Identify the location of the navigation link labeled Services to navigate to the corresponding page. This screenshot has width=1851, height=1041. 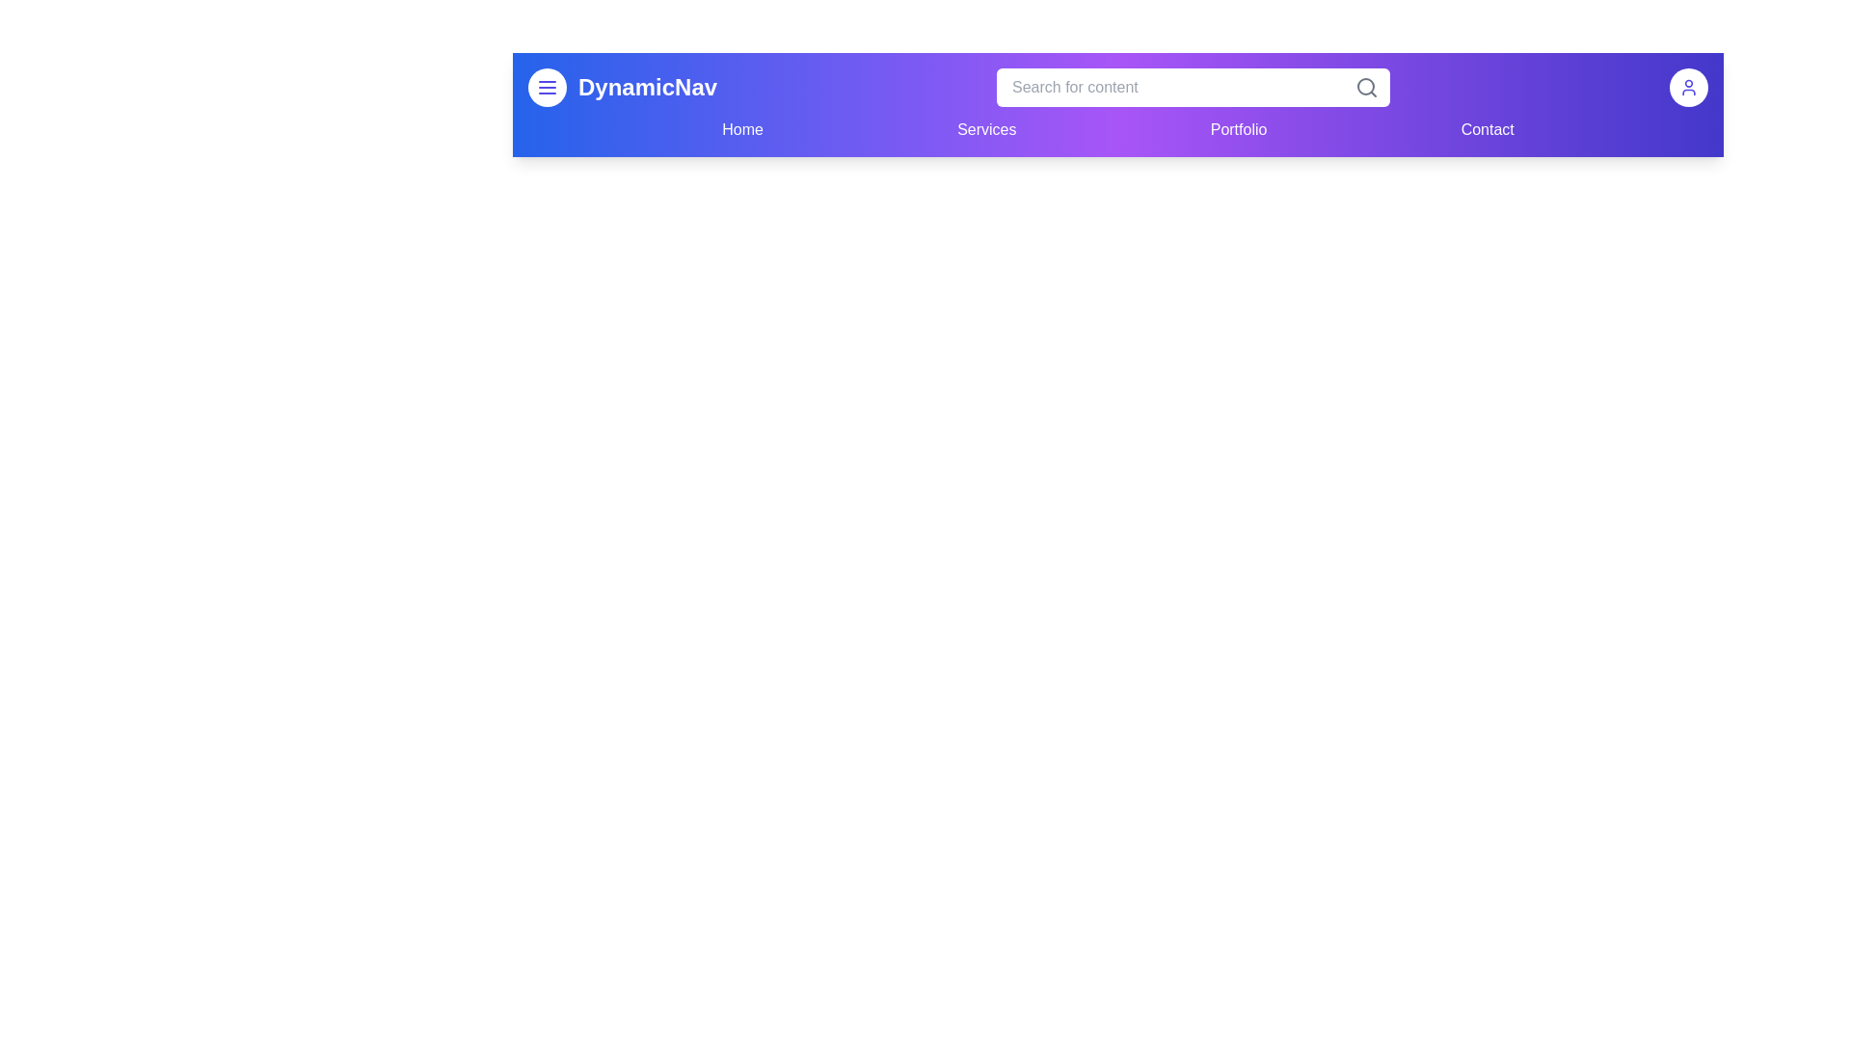
(986, 130).